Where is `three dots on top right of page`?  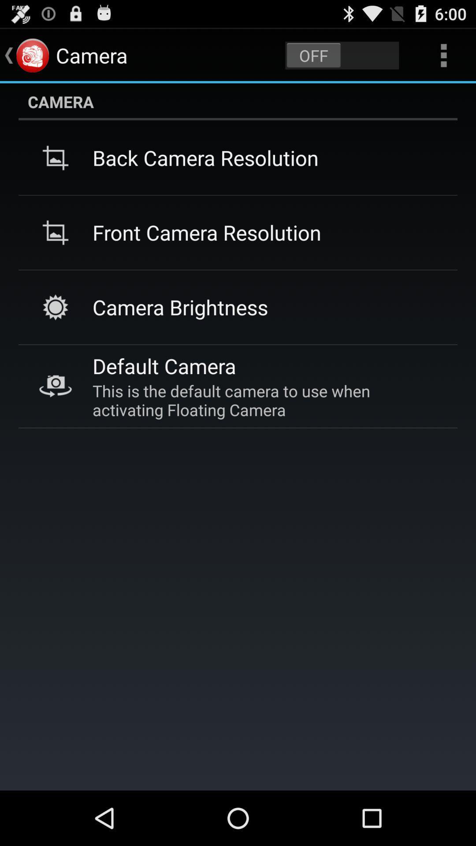
three dots on top right of page is located at coordinates (443, 55).